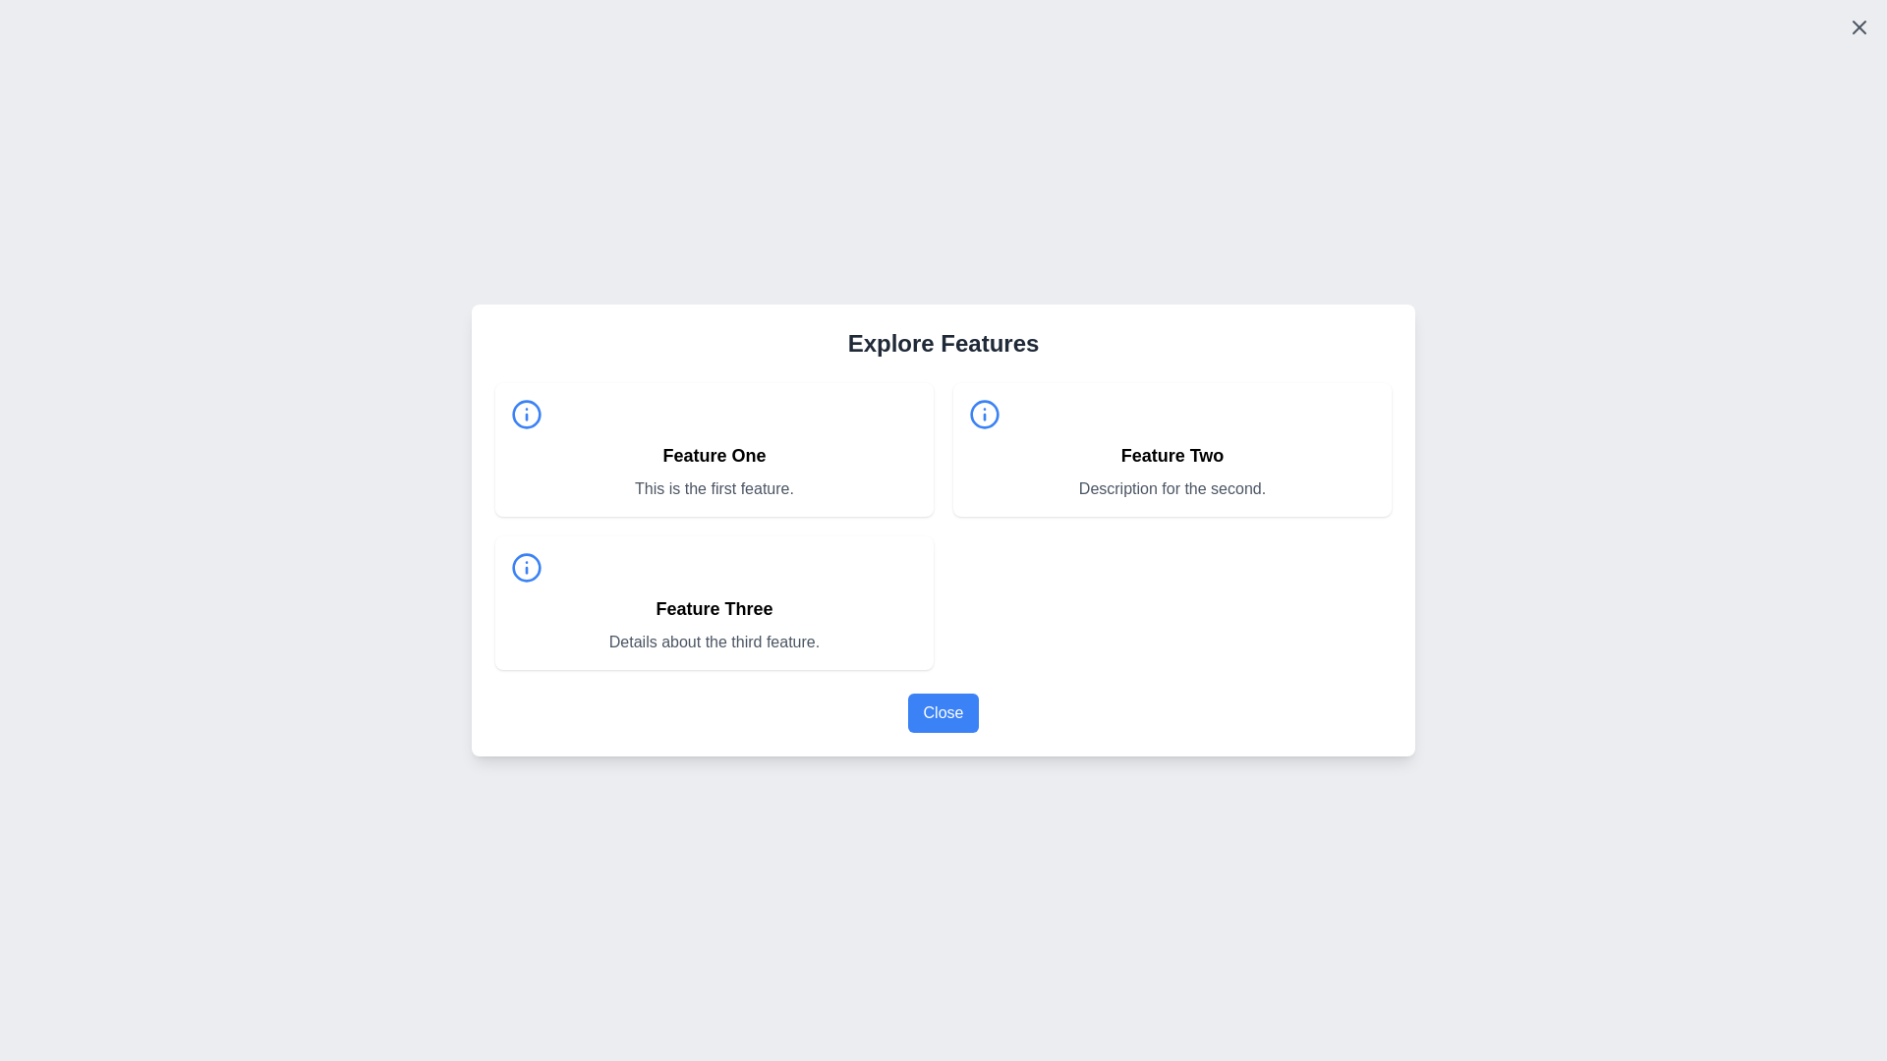 Image resolution: width=1887 pixels, height=1061 pixels. What do you see at coordinates (527, 413) in the screenshot?
I see `the circular graphical icon component with a blue outline located in the upper-left quadrant of the modal dialogue, positioned above the text 'Feature One'` at bounding box center [527, 413].